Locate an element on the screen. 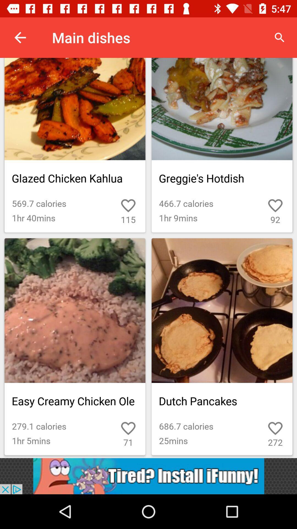 This screenshot has width=297, height=529. the text below the second image in the first row is located at coordinates (222, 178).